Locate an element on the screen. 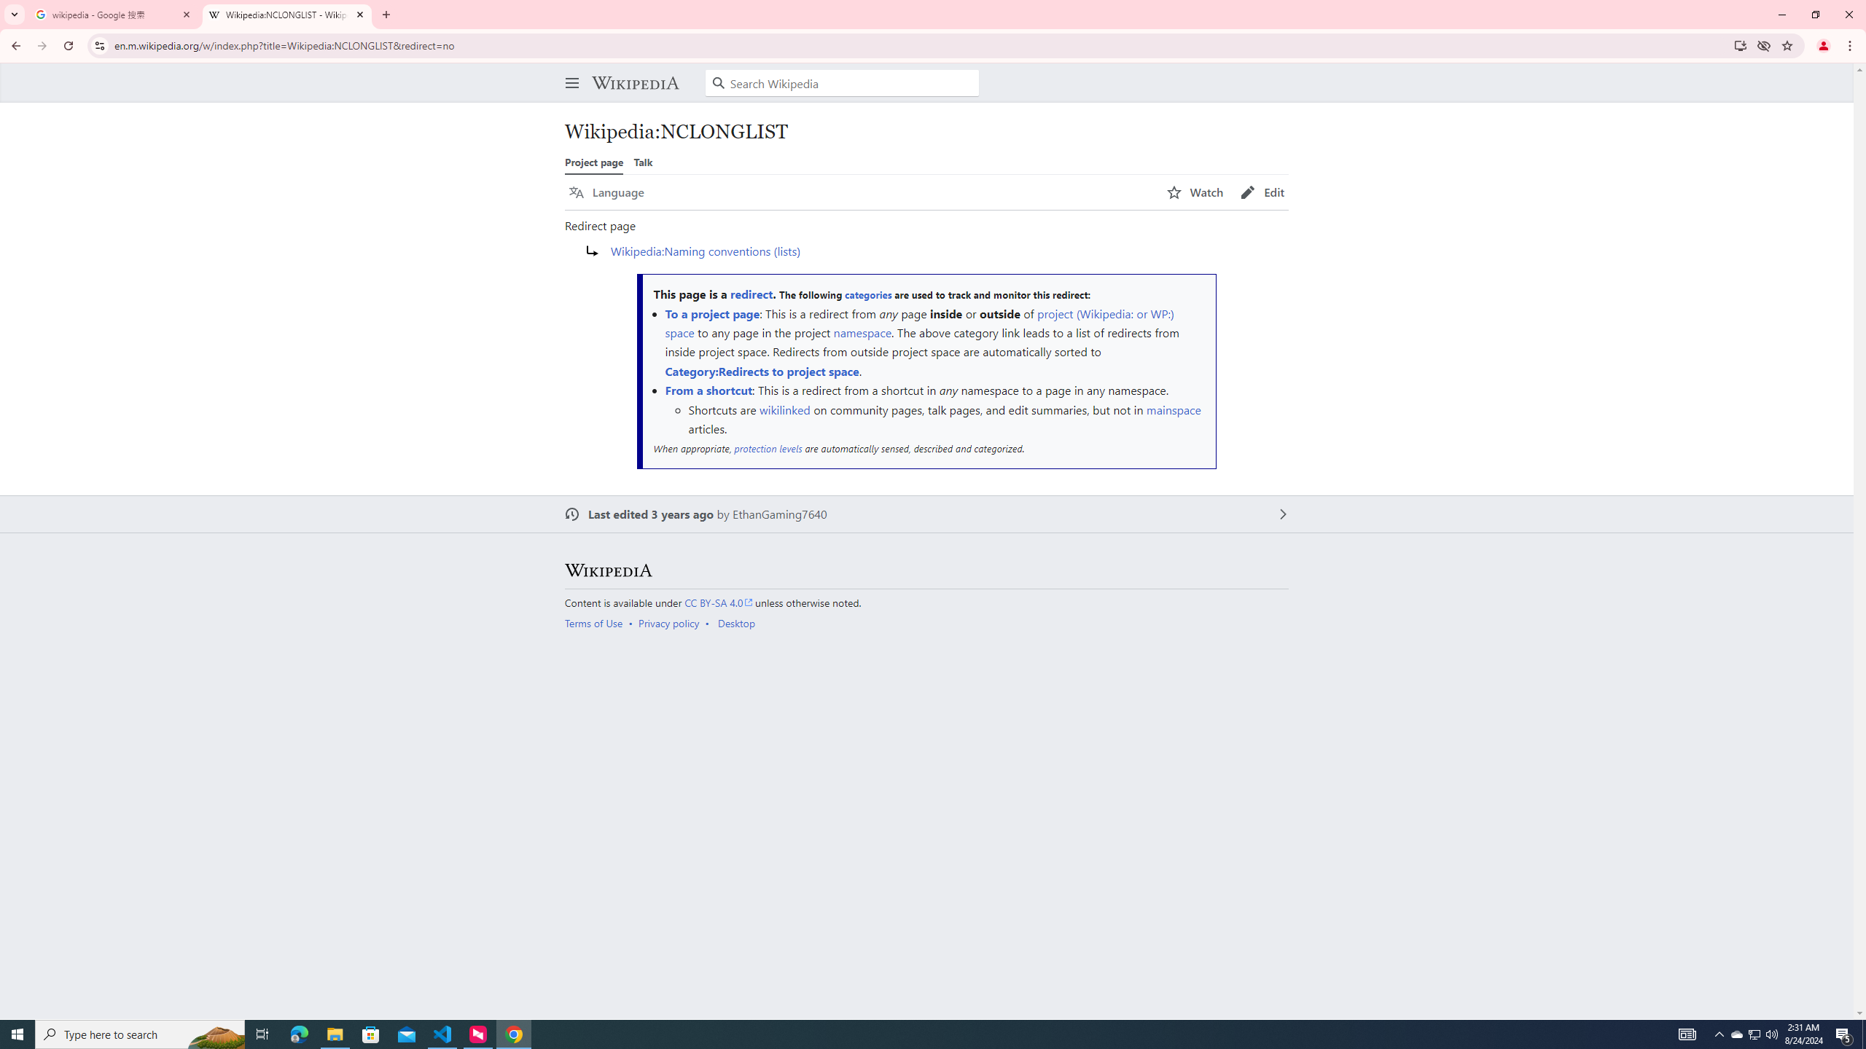 The width and height of the screenshot is (1866, 1049). 'Last edited 3 years ago by EthanGaming7640' is located at coordinates (926, 514).